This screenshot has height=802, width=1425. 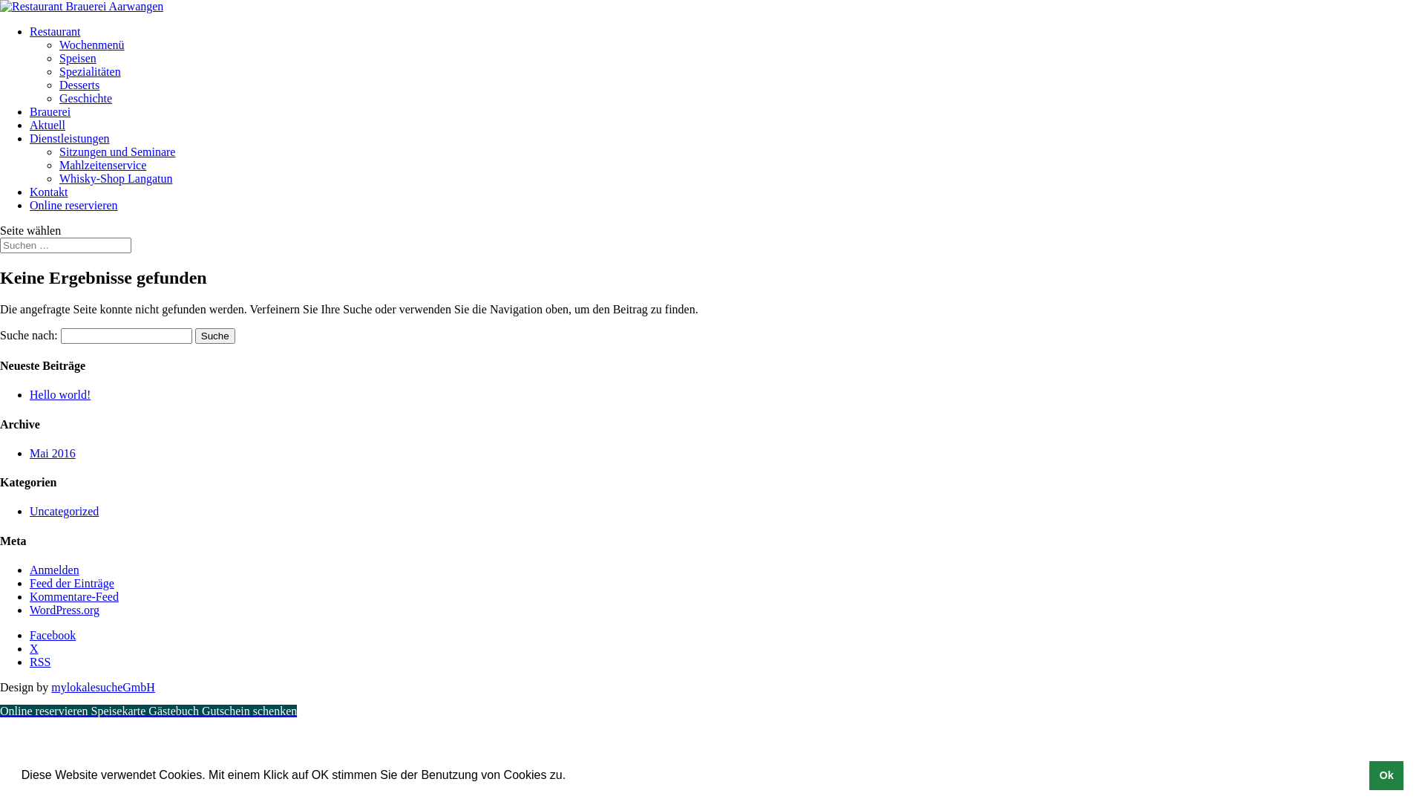 I want to click on 'mylokalesucheGmbH', so click(x=50, y=687).